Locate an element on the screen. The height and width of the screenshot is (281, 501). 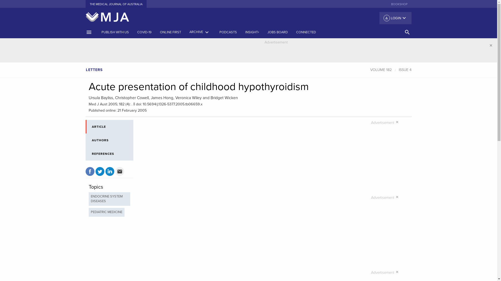
'ONLINE FIRST' is located at coordinates (170, 32).